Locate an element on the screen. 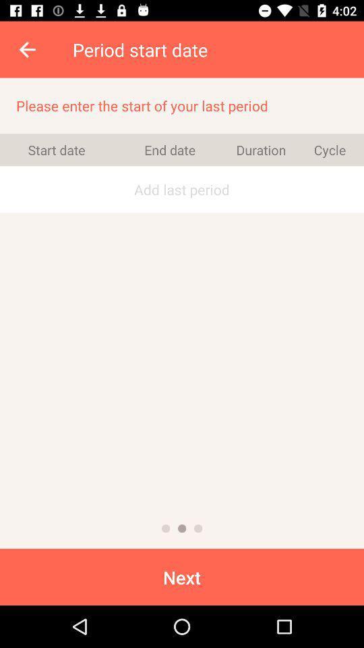 The height and width of the screenshot is (648, 364). the icon above next is located at coordinates (182, 529).